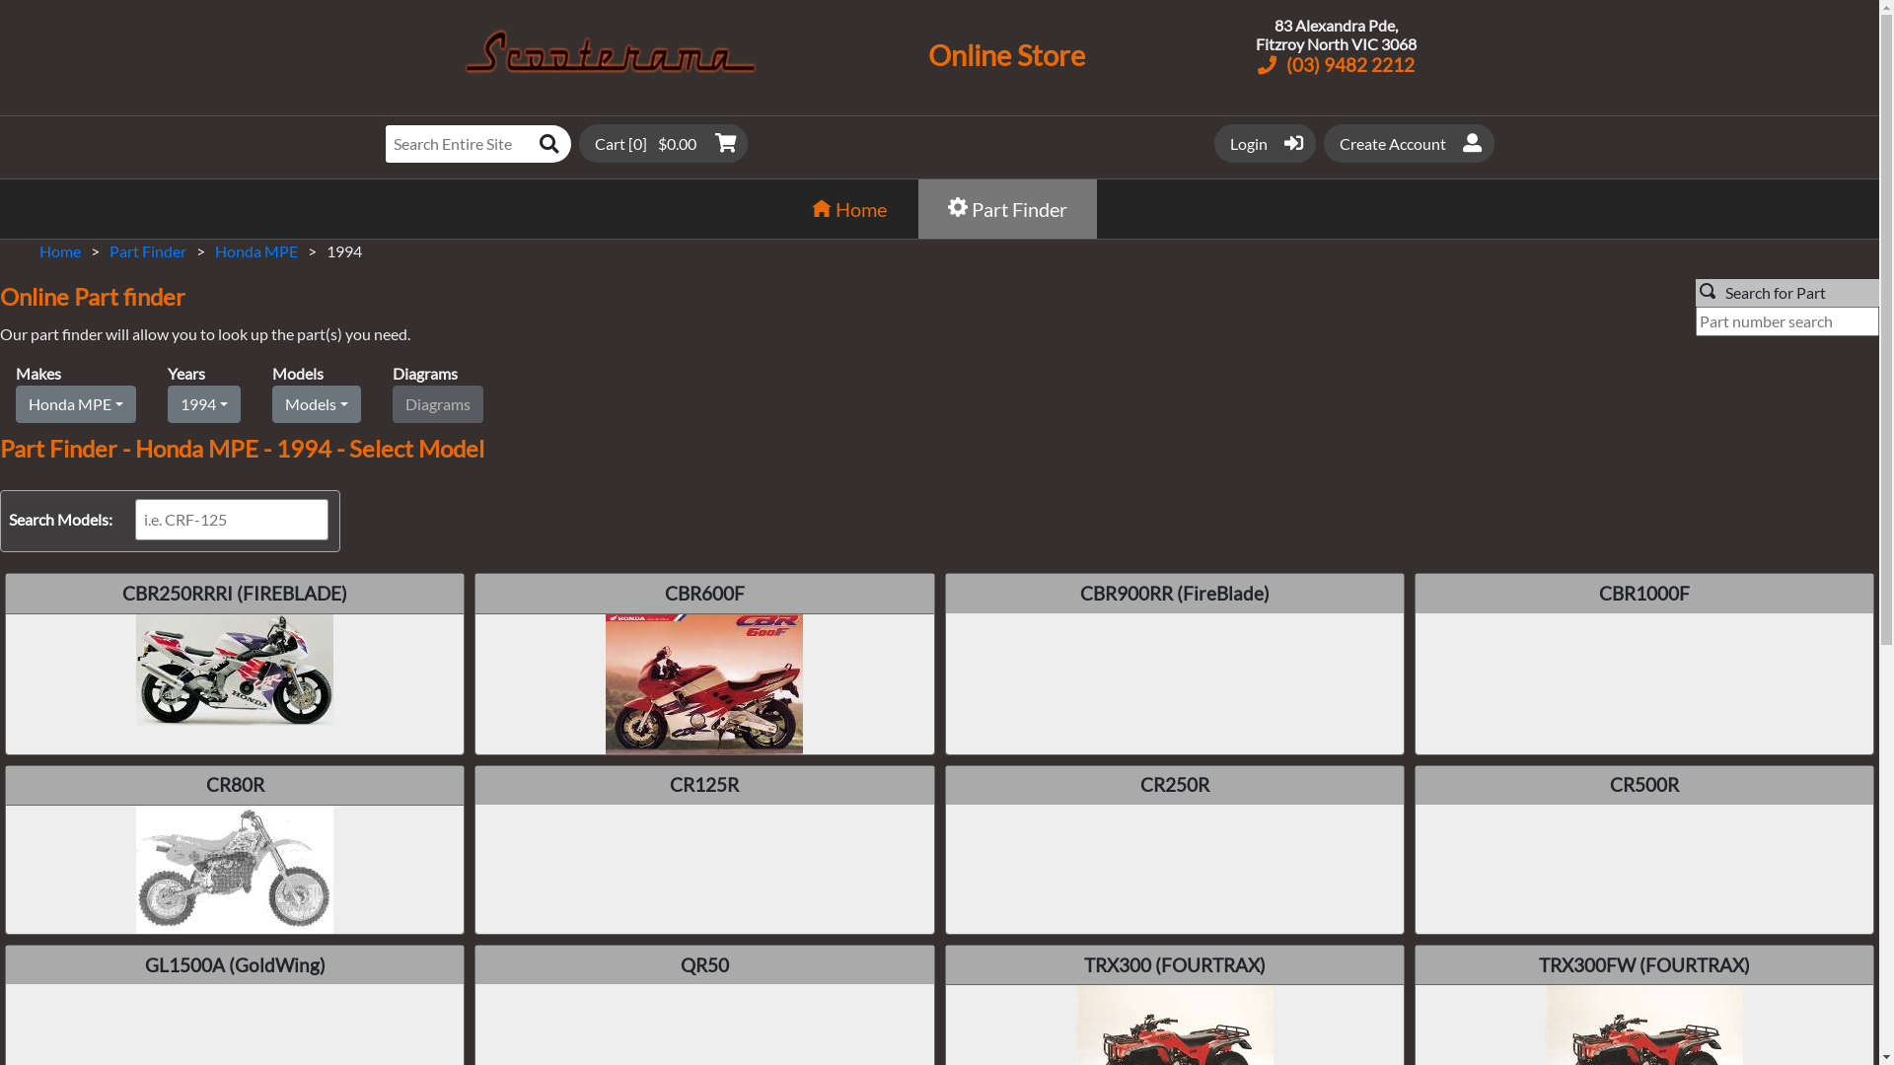 The image size is (1894, 1065). What do you see at coordinates (270, 402) in the screenshot?
I see `'Models'` at bounding box center [270, 402].